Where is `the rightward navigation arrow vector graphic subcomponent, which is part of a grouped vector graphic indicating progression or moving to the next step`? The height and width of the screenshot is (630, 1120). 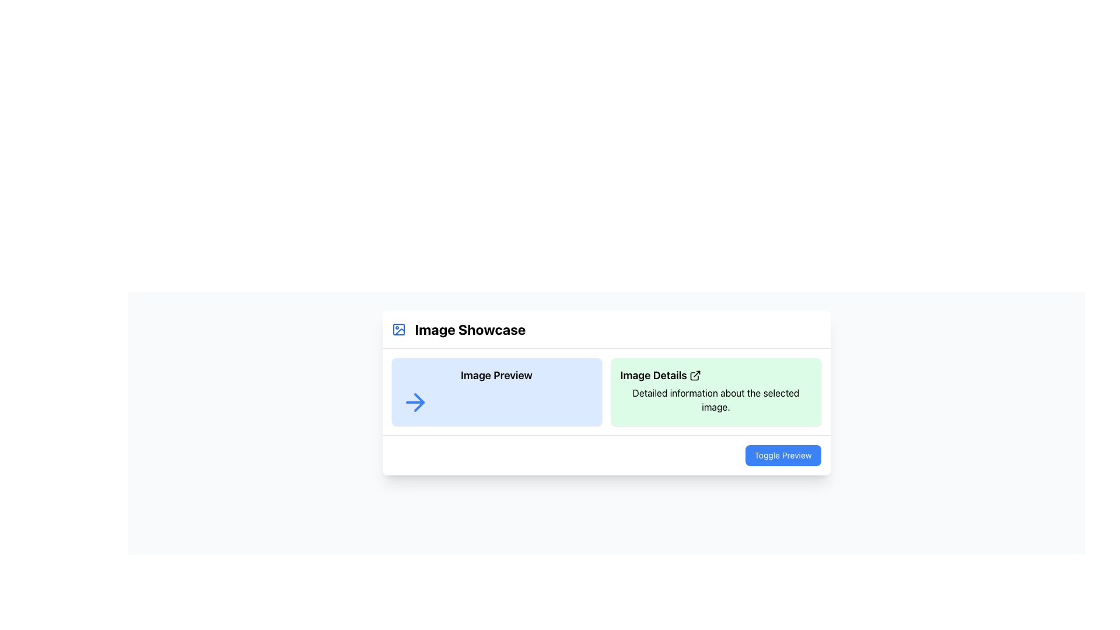
the rightward navigation arrow vector graphic subcomponent, which is part of a grouped vector graphic indicating progression or moving to the next step is located at coordinates (419, 402).